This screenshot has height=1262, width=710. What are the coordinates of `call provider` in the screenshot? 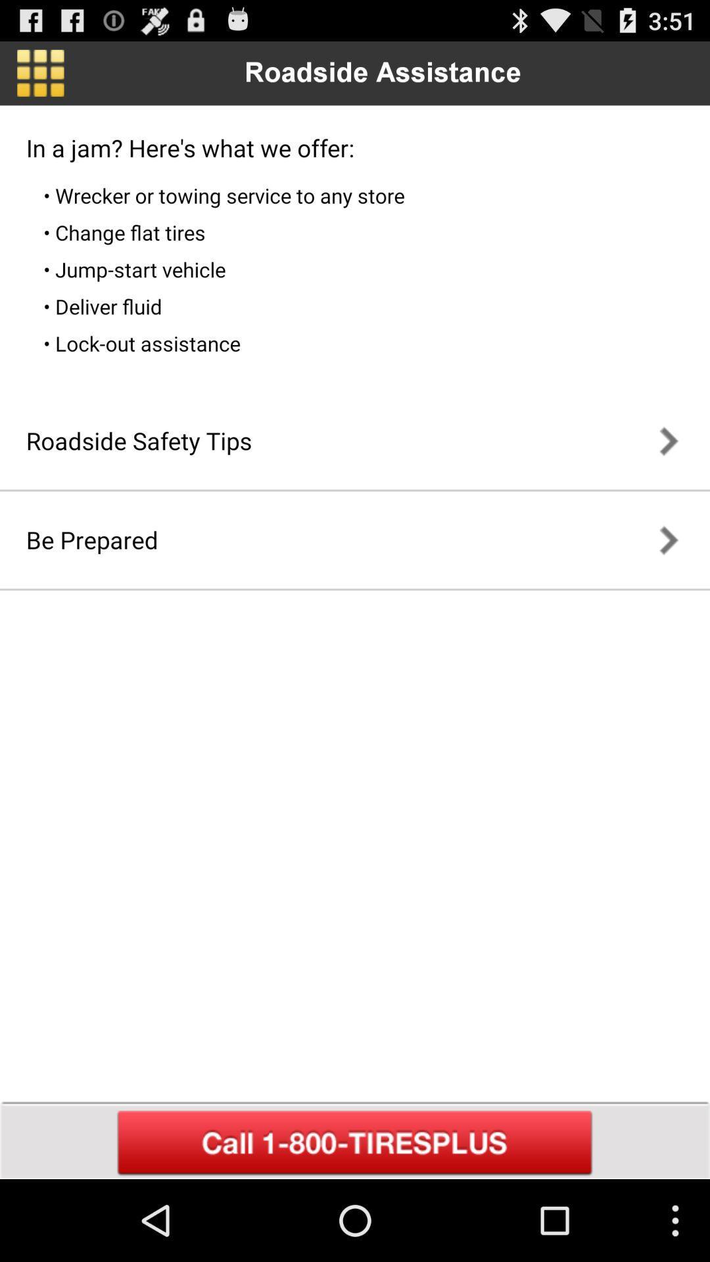 It's located at (355, 1142).